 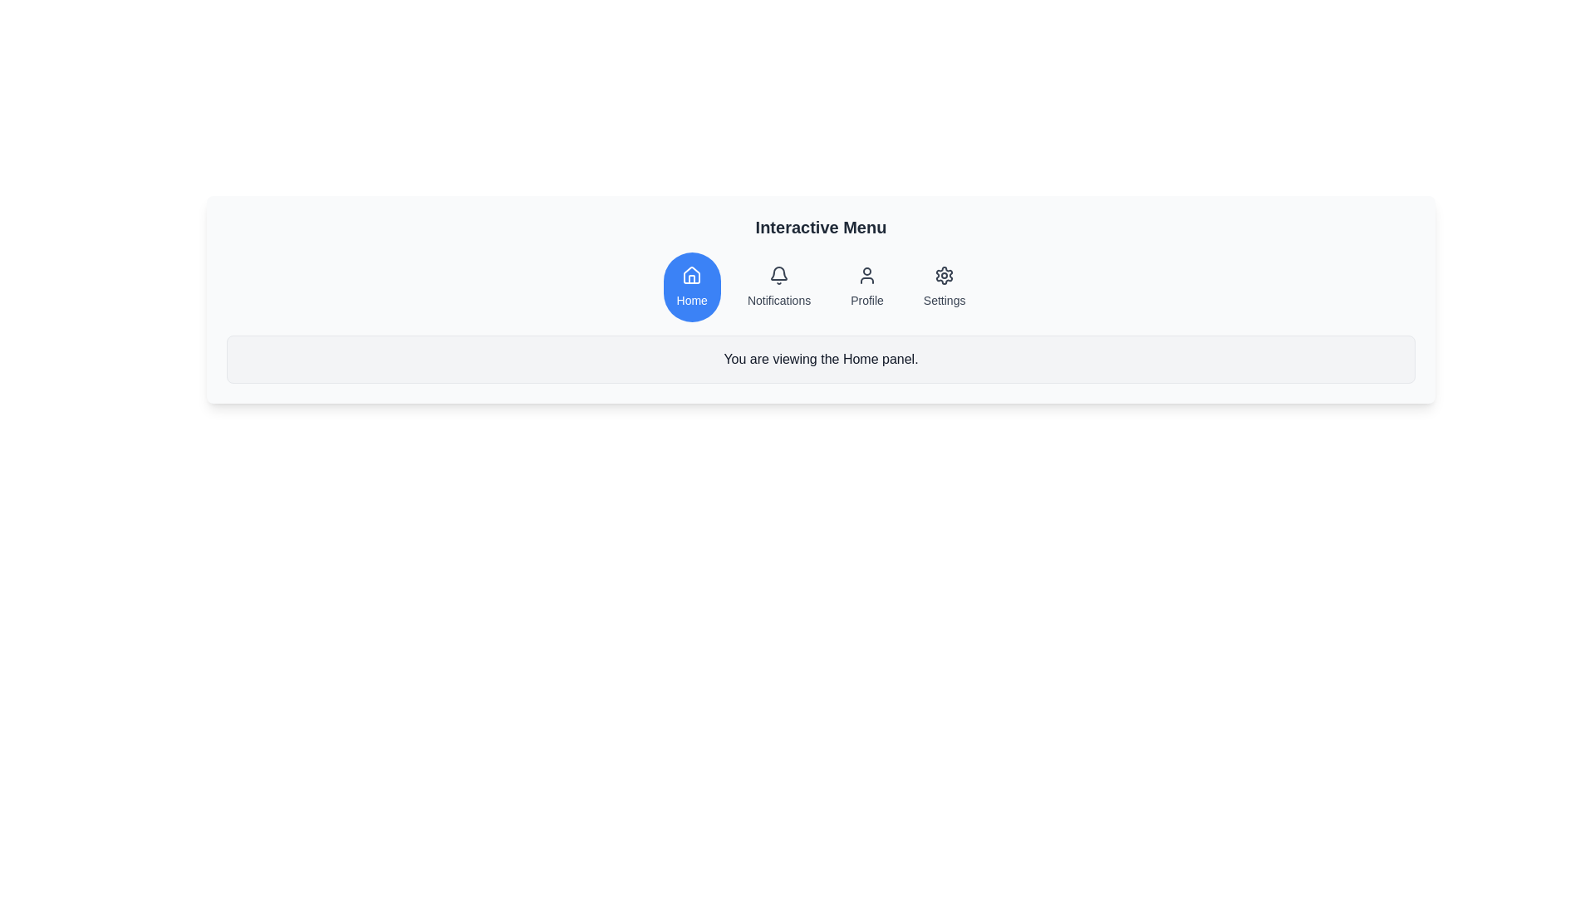 I want to click on the horizontal rectangular notification box displaying the message 'You are viewing the Home panel.' which has a light gray background and dark gray text, so click(x=821, y=358).